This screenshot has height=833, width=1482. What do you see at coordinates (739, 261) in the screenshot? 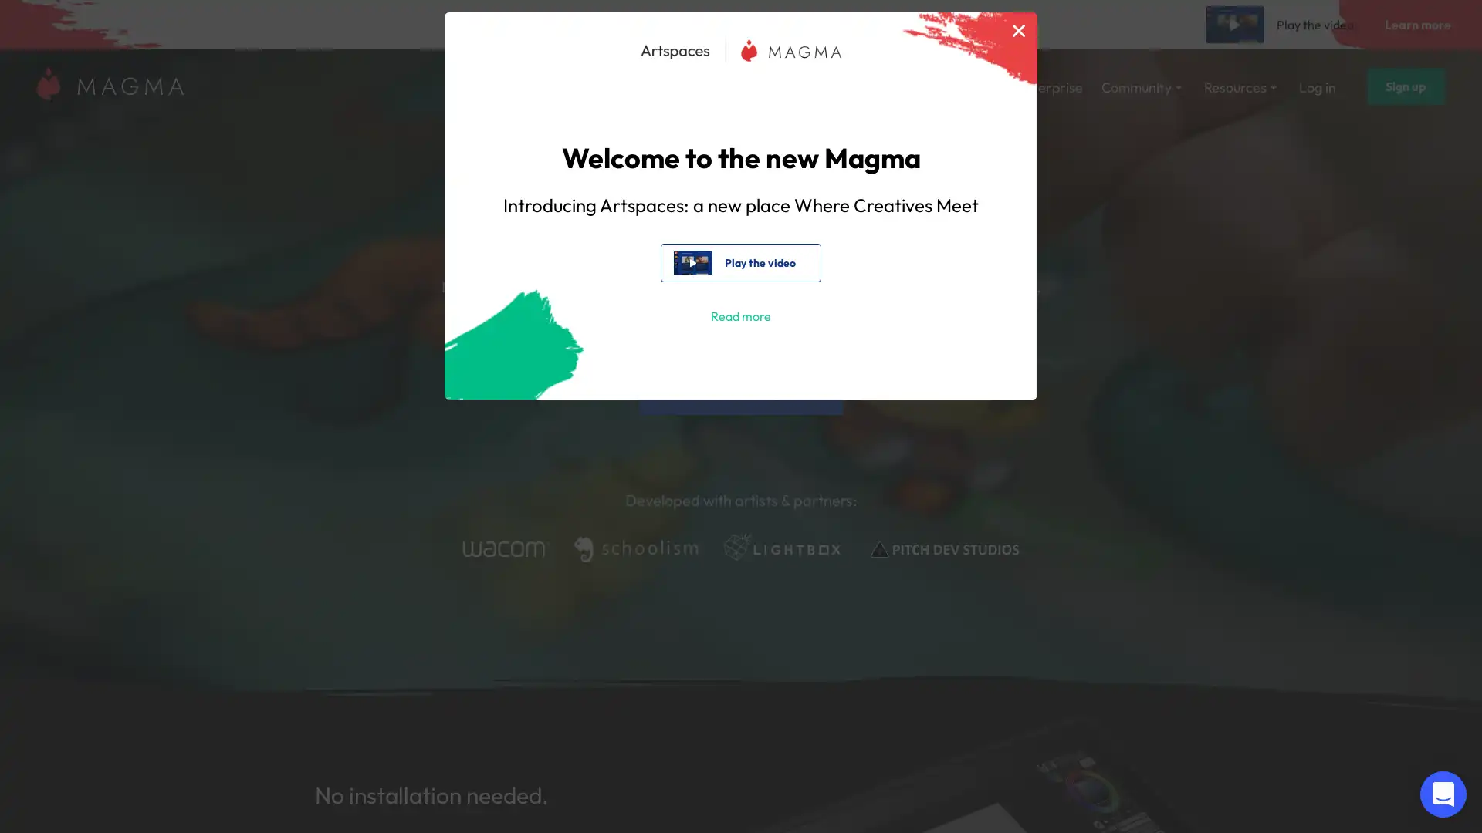
I see `Play the video` at bounding box center [739, 261].